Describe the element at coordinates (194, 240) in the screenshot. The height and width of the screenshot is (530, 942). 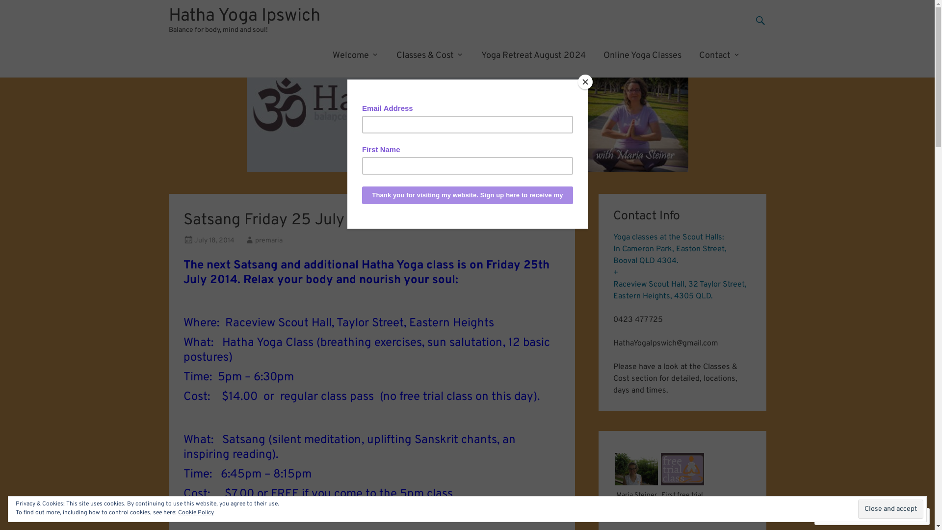
I see `'July 18, 2014'` at that location.